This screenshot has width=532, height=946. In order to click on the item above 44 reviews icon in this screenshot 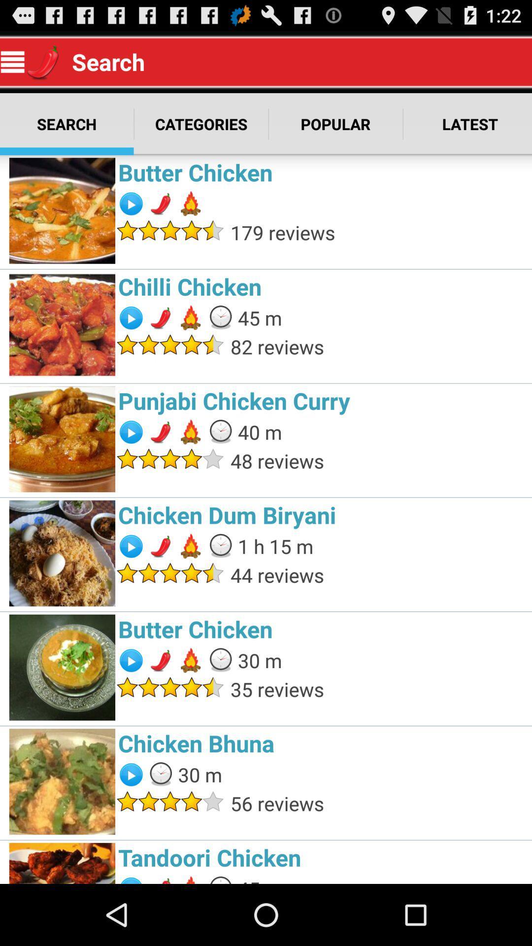, I will do `click(275, 545)`.